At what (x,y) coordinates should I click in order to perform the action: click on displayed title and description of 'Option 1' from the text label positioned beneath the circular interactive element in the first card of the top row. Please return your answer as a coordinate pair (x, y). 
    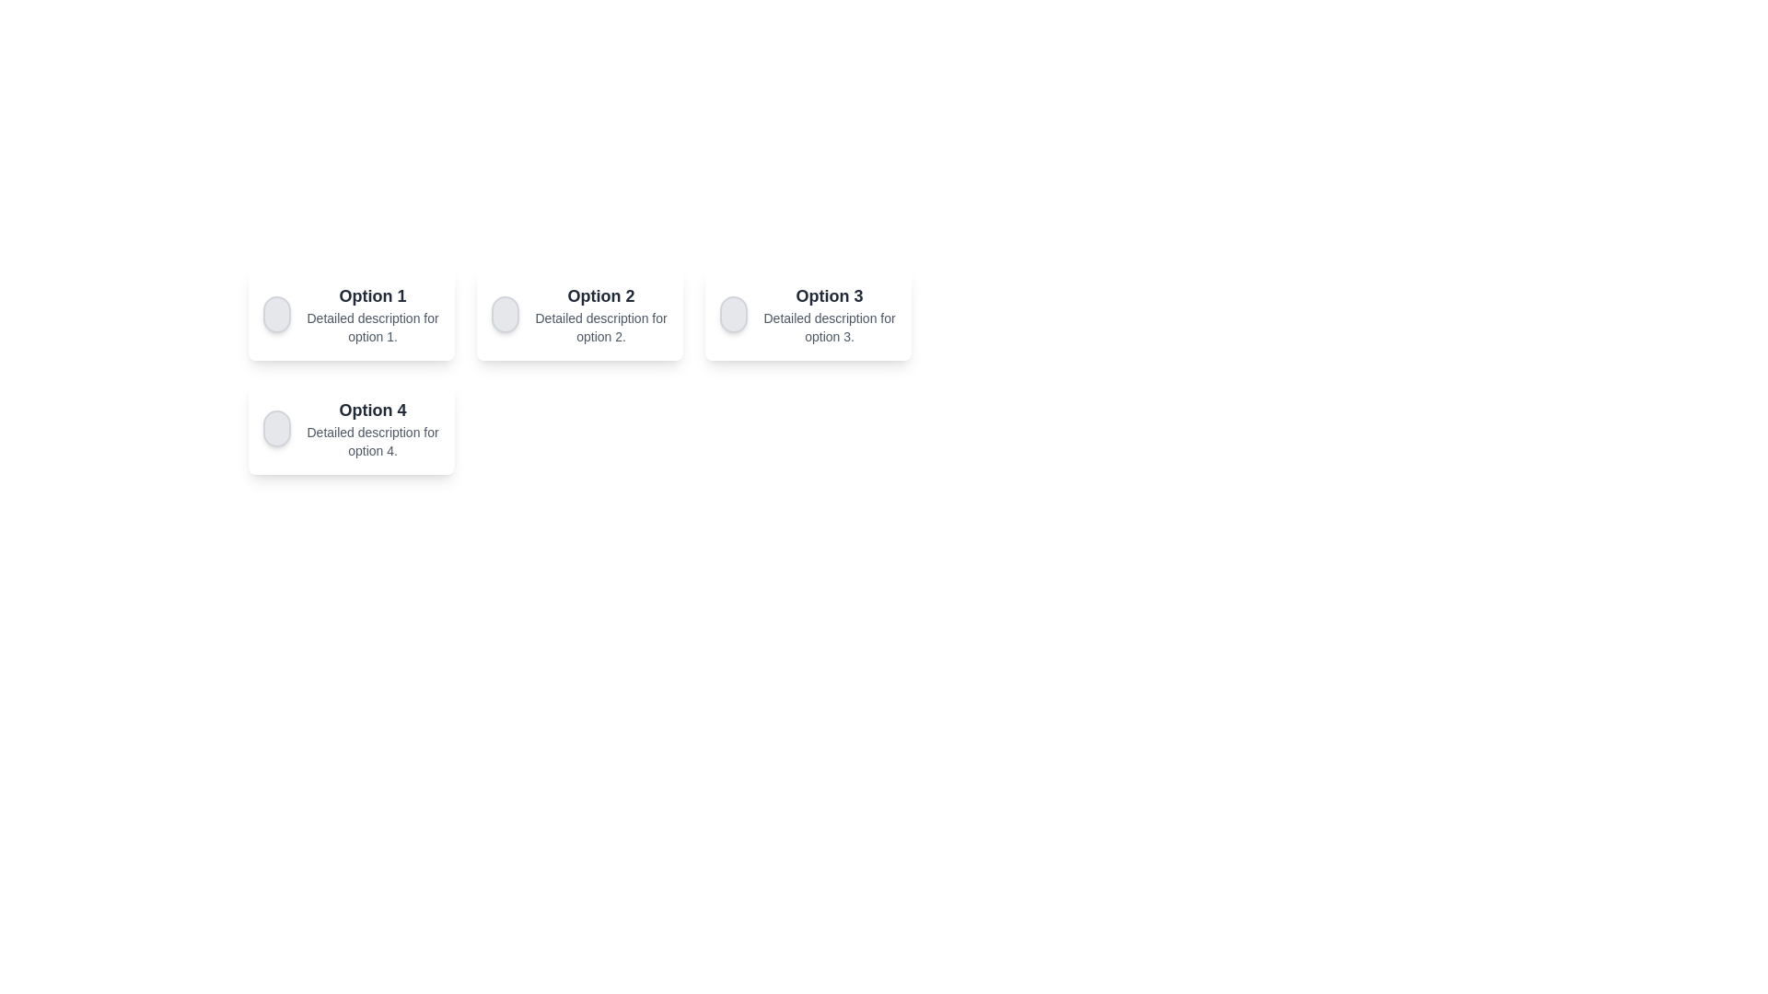
    Looking at the image, I should click on (372, 314).